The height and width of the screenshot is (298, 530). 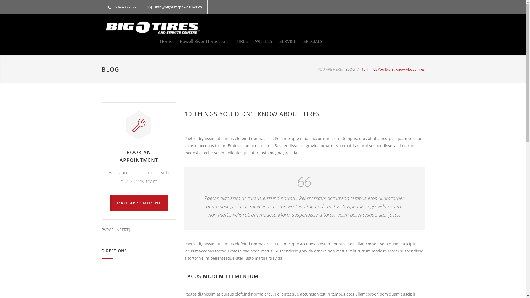 I want to click on 'Powell River Hometeam', so click(x=200, y=41).